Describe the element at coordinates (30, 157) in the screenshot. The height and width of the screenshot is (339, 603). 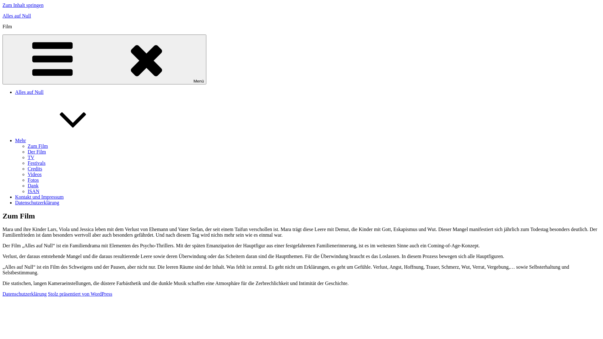
I see `'TV'` at that location.